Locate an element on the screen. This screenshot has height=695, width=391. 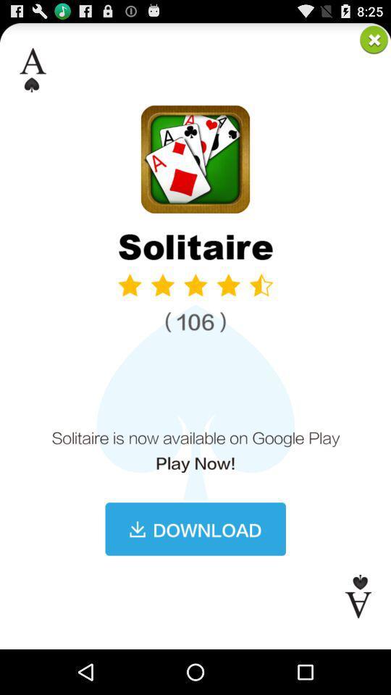
closing the solitaire is located at coordinates (374, 38).